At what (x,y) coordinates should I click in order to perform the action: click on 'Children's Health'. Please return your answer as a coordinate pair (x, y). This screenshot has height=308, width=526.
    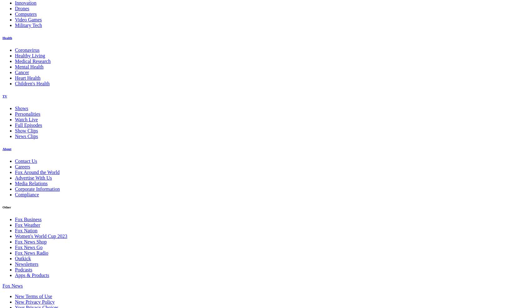
    Looking at the image, I should click on (15, 83).